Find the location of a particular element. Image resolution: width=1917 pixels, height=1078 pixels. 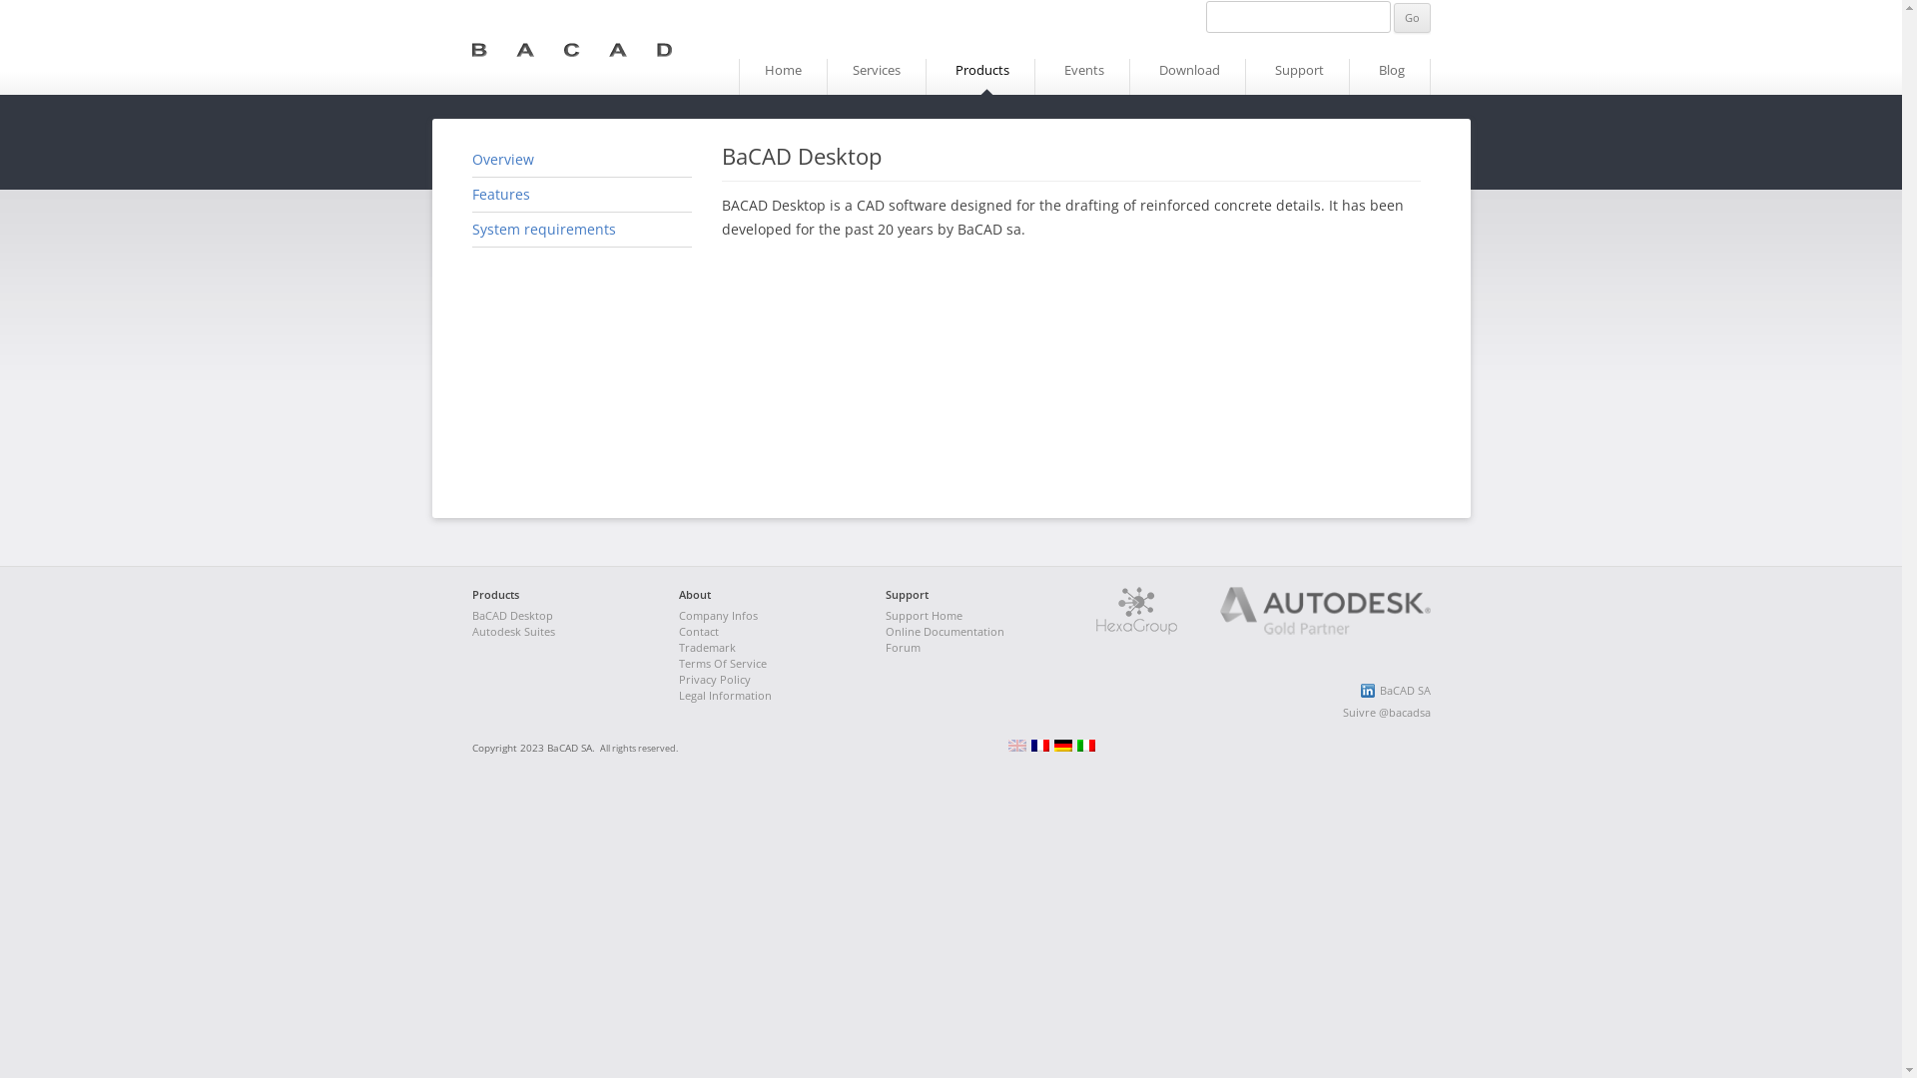

'Hexagroup' is located at coordinates (1136, 630).